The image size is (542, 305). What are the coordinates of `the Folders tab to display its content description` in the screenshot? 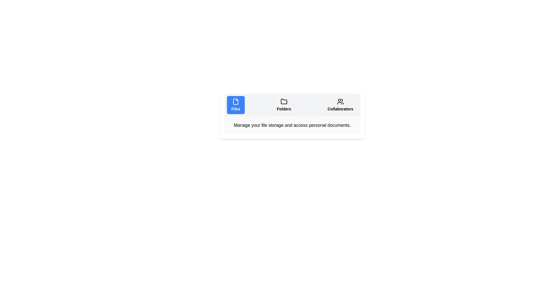 It's located at (284, 105).